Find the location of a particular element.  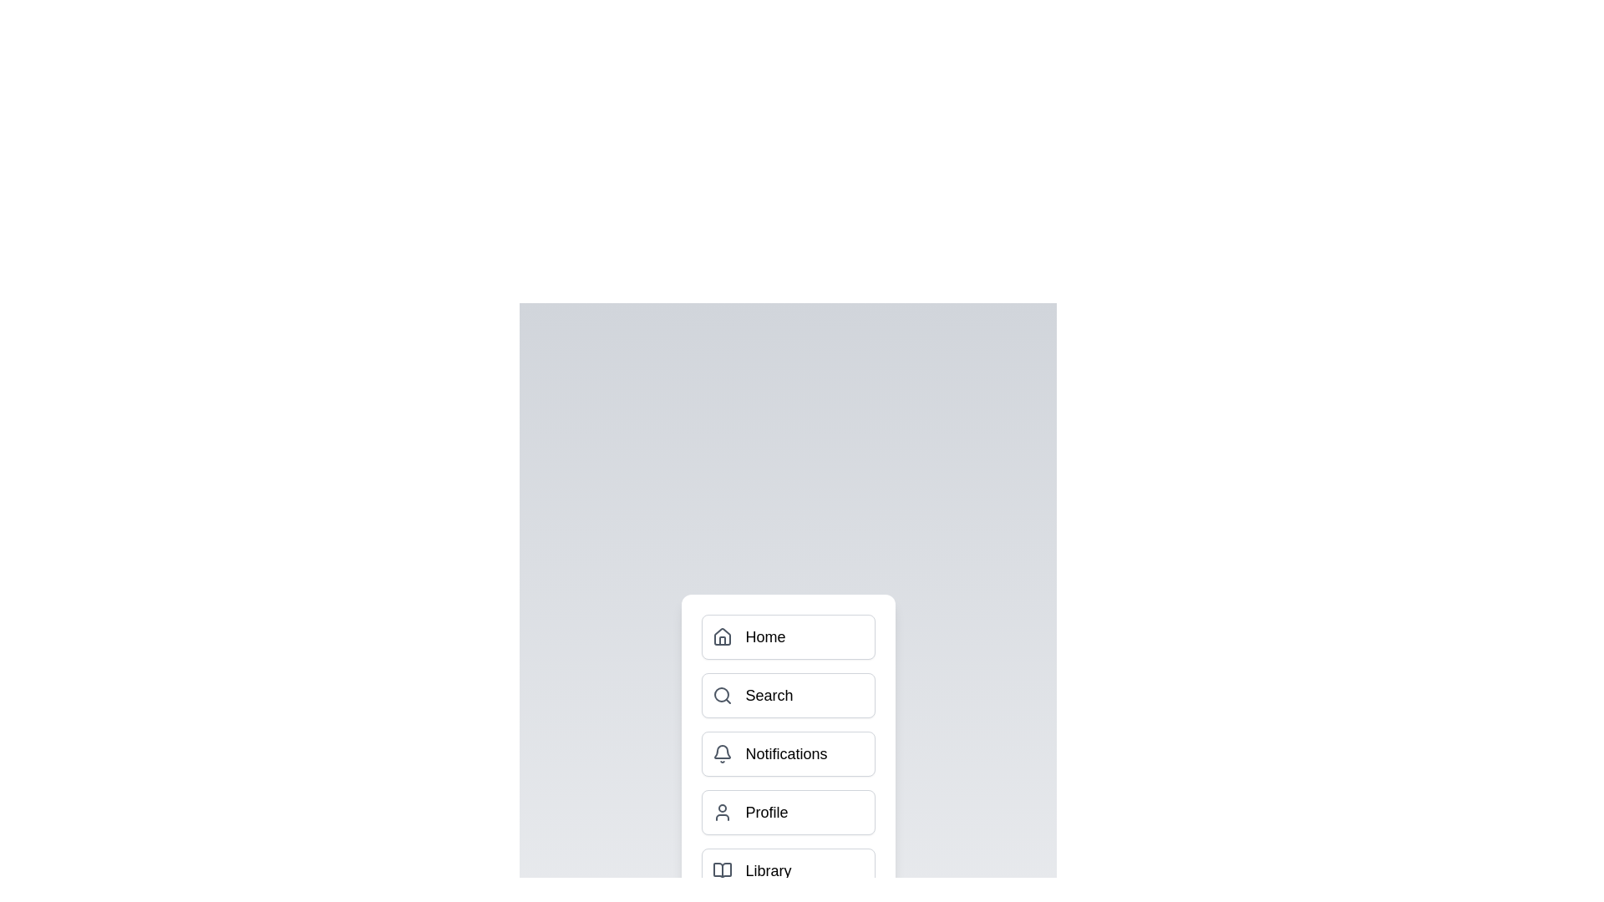

the menu item Home is located at coordinates (787, 637).